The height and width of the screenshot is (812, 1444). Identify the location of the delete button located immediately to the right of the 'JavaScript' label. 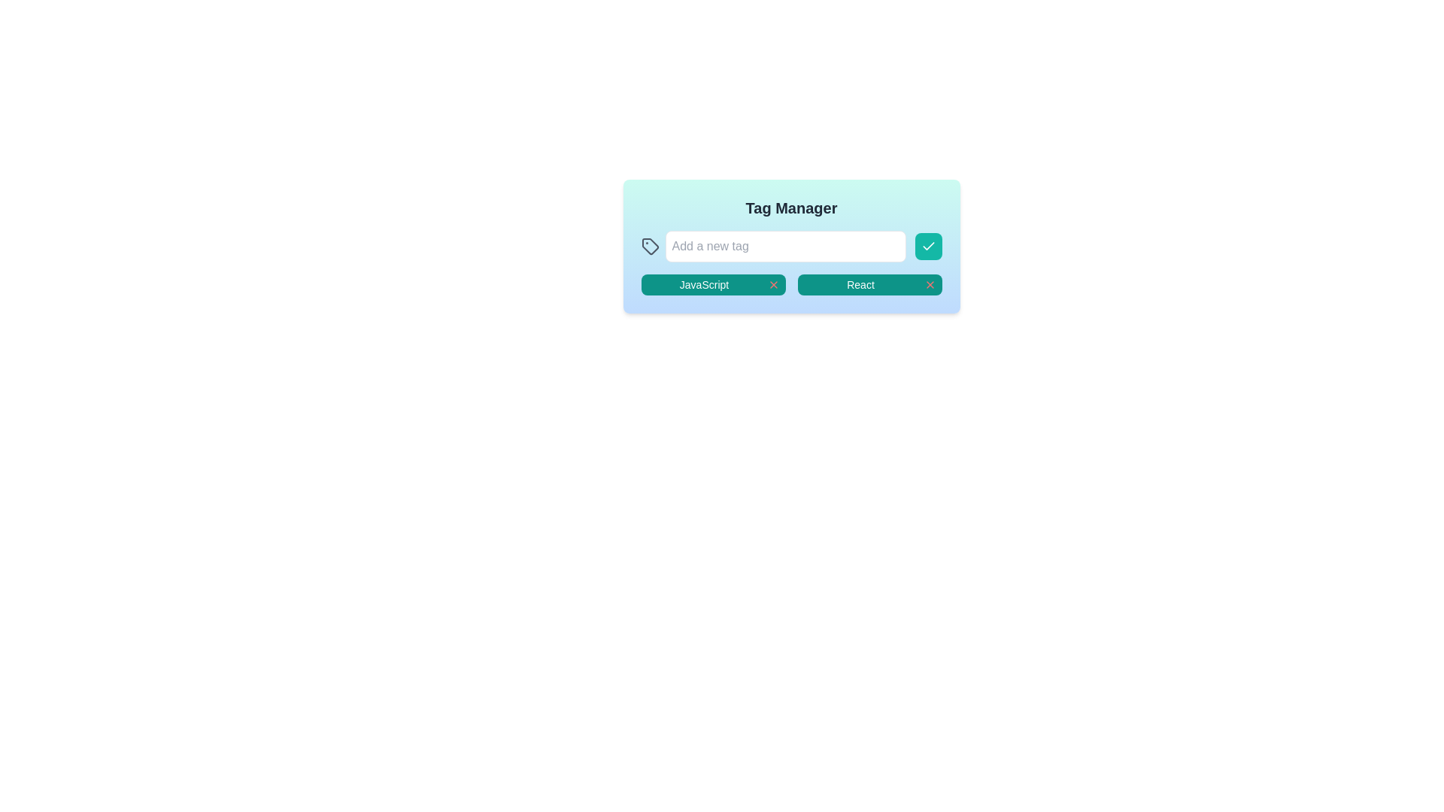
(773, 284).